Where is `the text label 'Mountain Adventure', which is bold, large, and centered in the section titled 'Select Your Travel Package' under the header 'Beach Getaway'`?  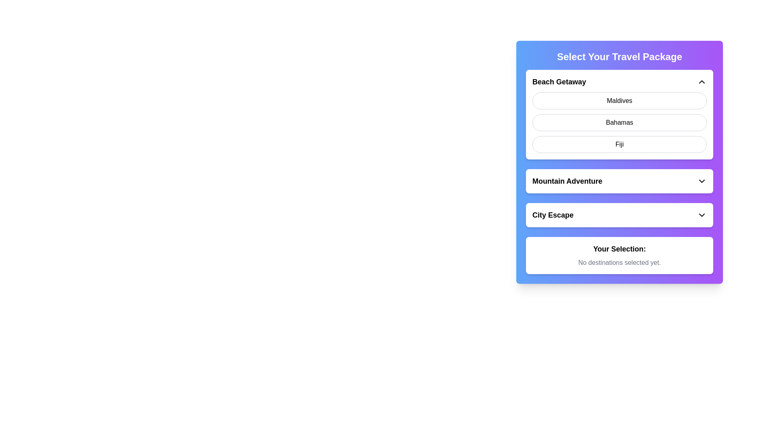 the text label 'Mountain Adventure', which is bold, large, and centered in the section titled 'Select Your Travel Package' under the header 'Beach Getaway' is located at coordinates (567, 180).